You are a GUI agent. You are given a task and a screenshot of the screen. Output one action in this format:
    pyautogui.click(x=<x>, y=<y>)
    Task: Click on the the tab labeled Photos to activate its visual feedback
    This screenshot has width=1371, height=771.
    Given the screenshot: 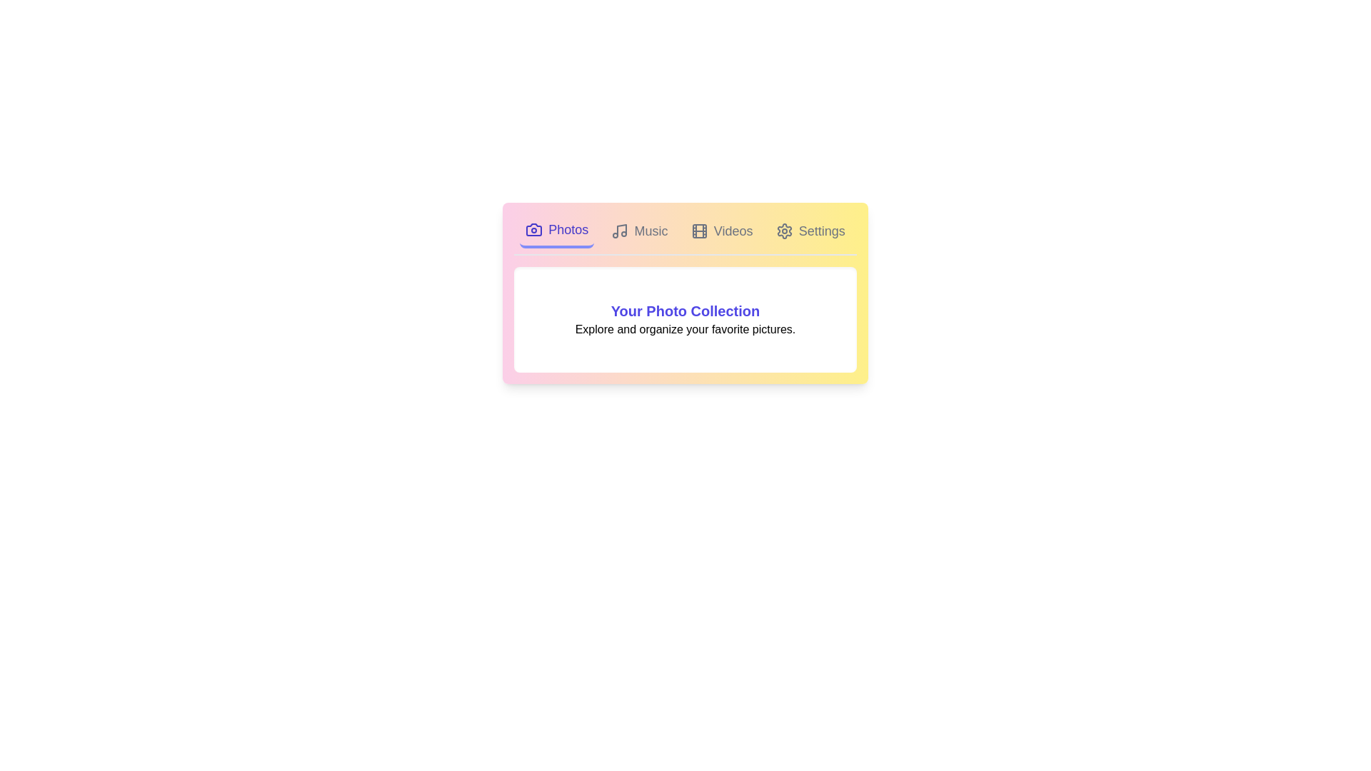 What is the action you would take?
    pyautogui.click(x=556, y=231)
    